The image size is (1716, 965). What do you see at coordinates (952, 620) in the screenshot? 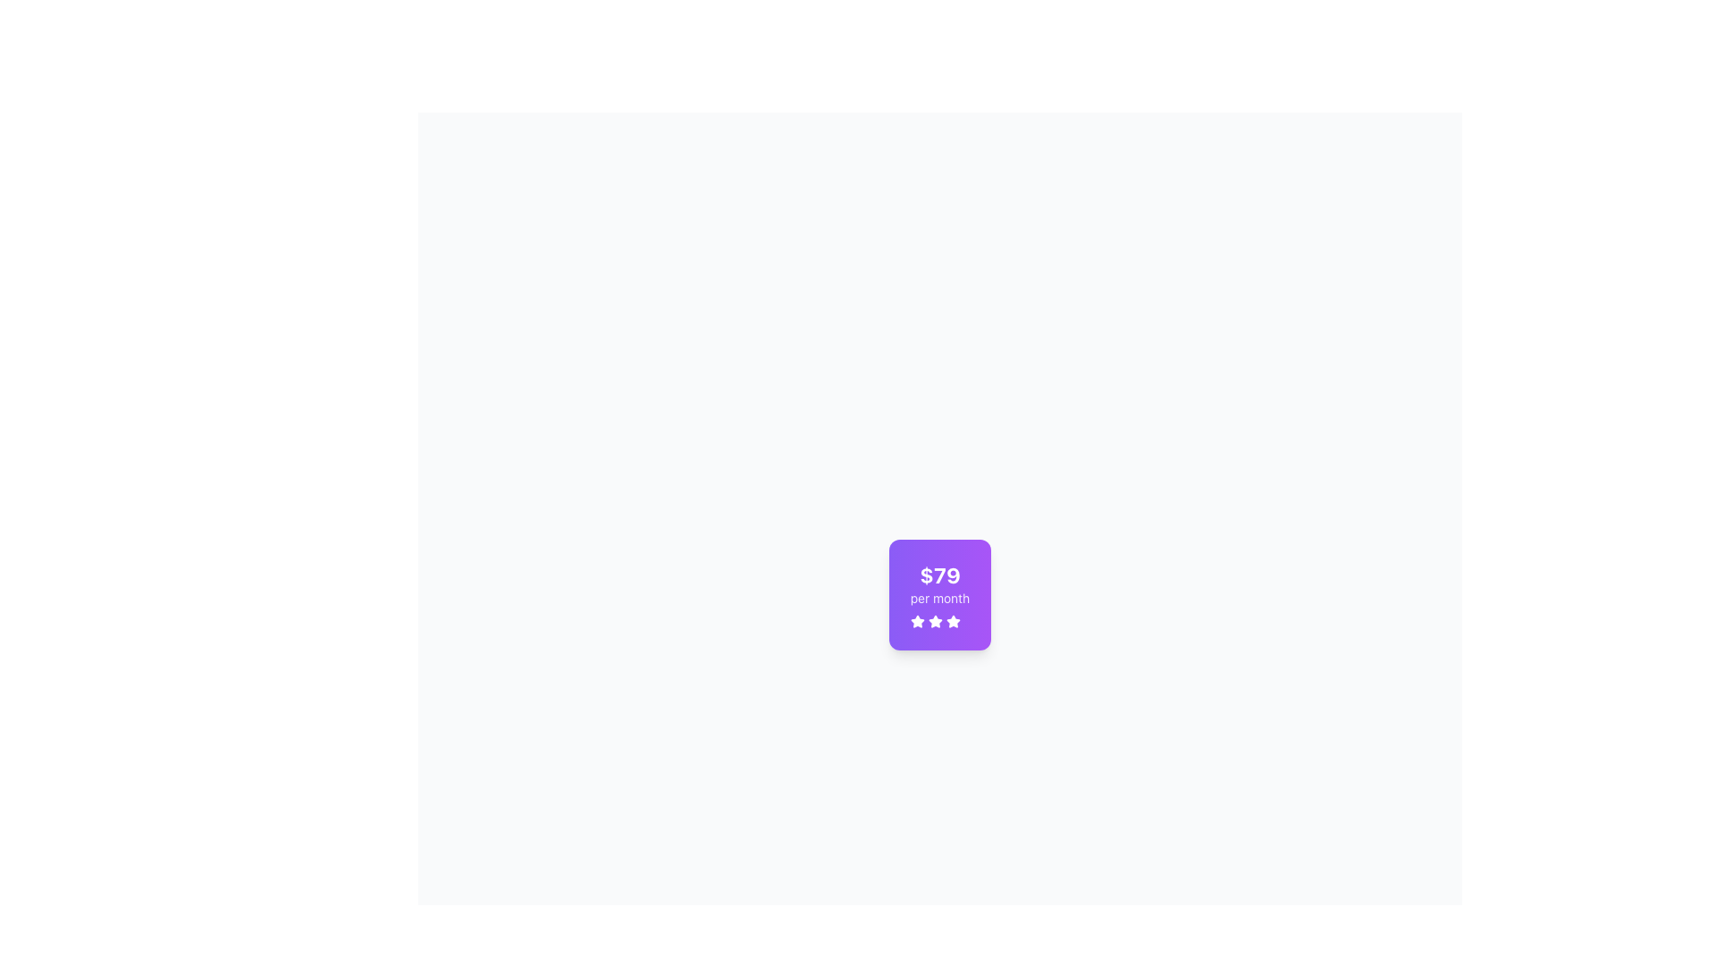
I see `the third star in the horizontal sequence of rating stars to rate it` at bounding box center [952, 620].